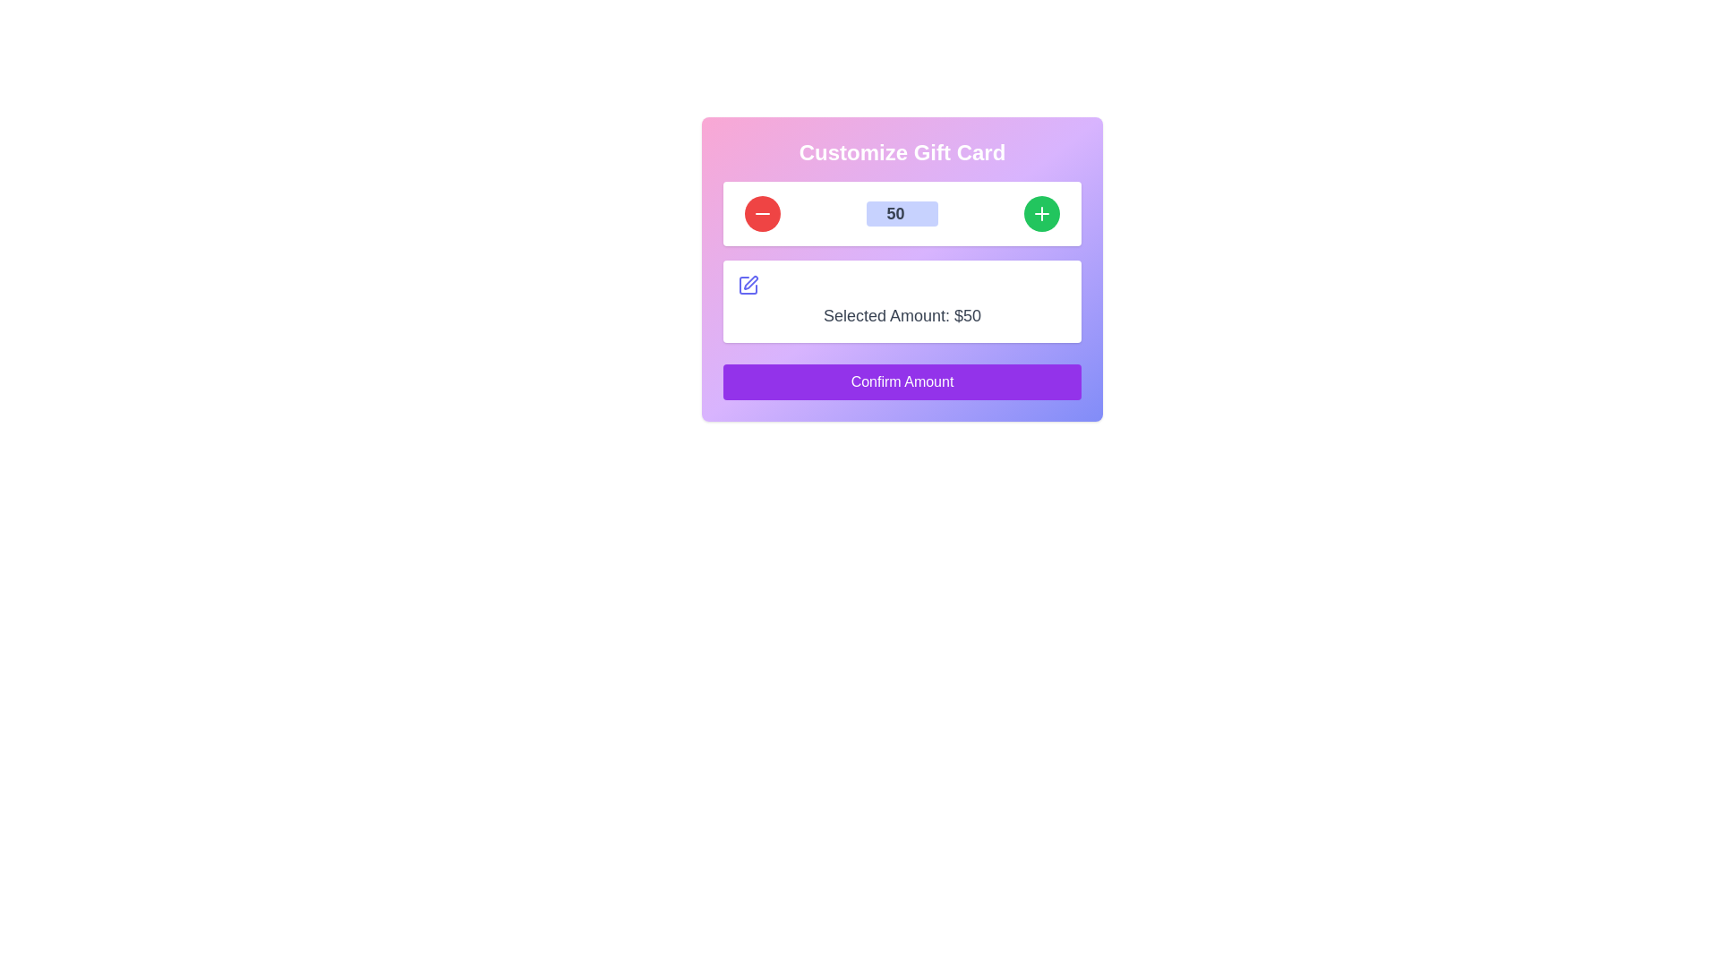 This screenshot has width=1719, height=967. What do you see at coordinates (1041, 213) in the screenshot?
I see `the third button in the row at the top of the card-like section to increase the value displayed in the adjacent input field` at bounding box center [1041, 213].